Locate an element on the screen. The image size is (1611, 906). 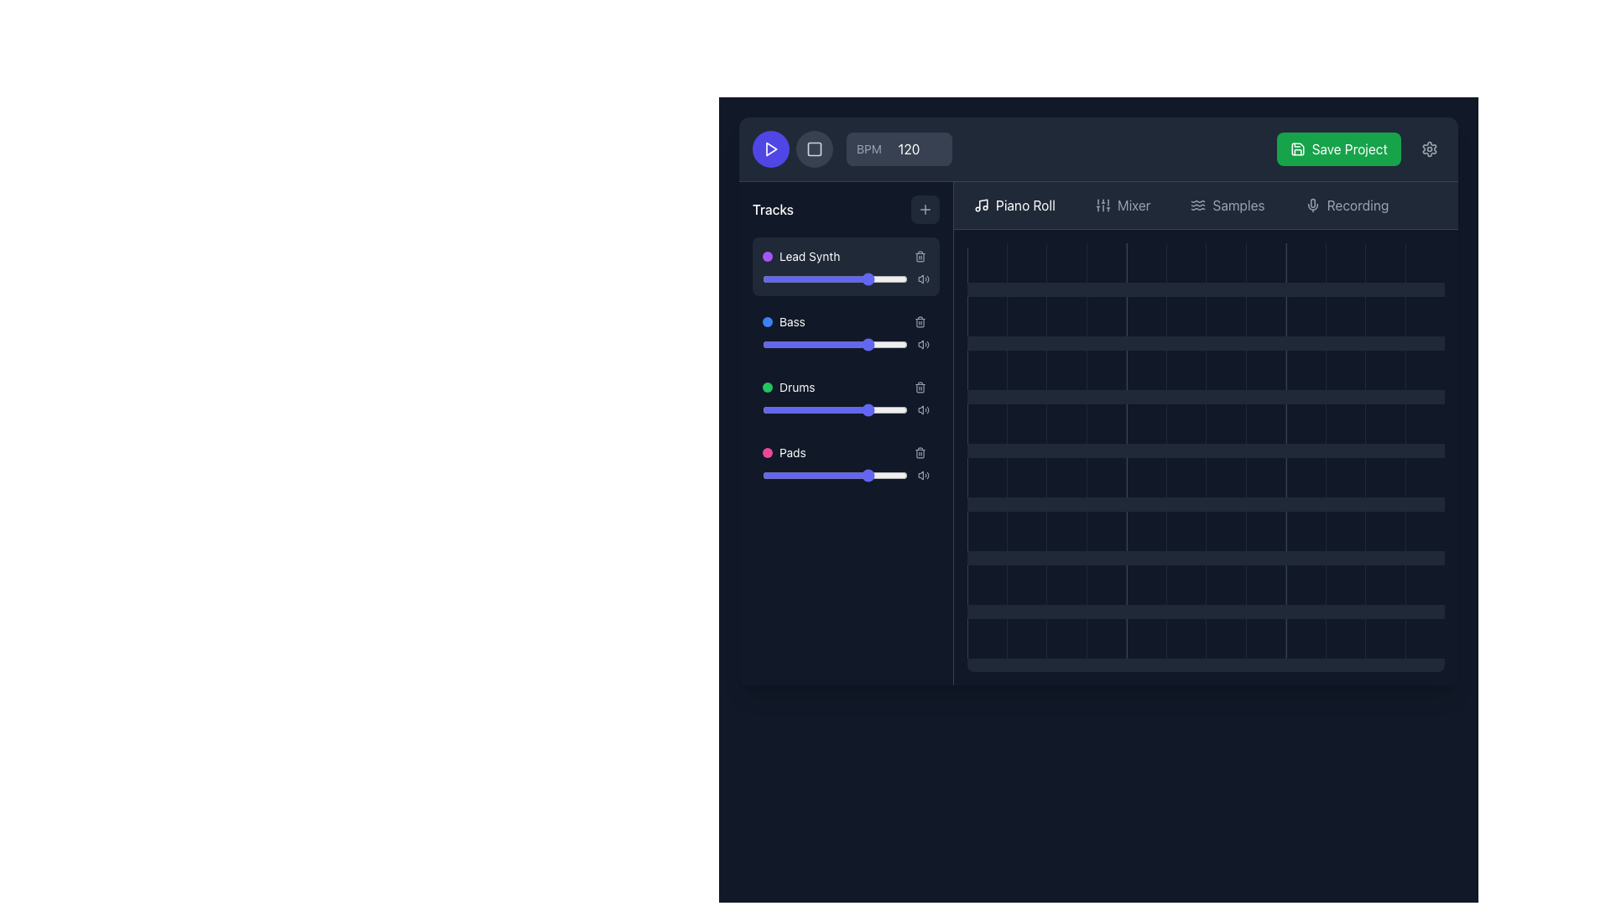
the slider value is located at coordinates (901, 344).